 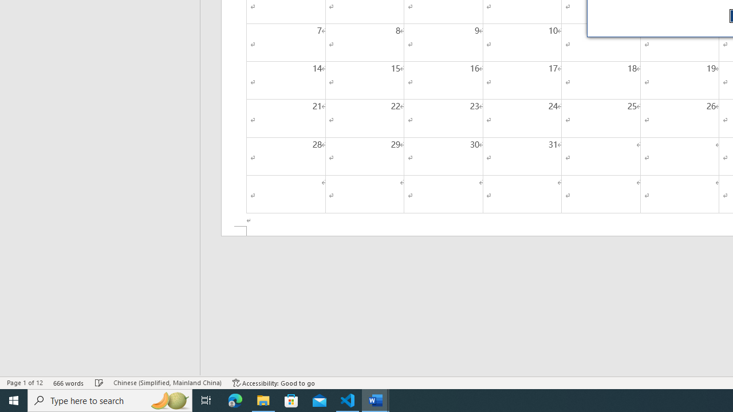 I want to click on 'Spelling and Grammar Check Checking', so click(x=99, y=383).